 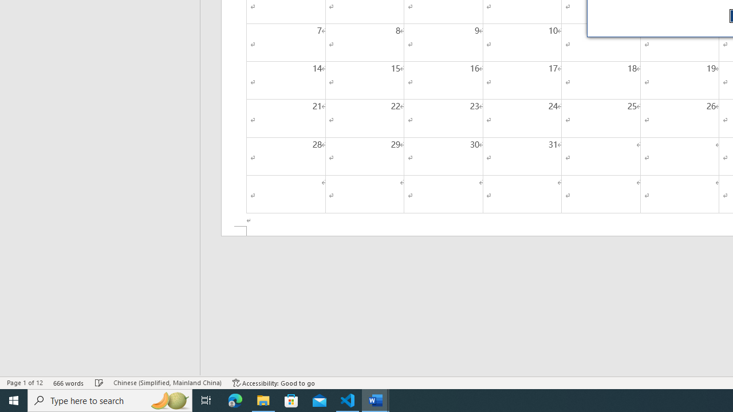 I want to click on 'Spelling and Grammar Check Checking', so click(x=99, y=383).